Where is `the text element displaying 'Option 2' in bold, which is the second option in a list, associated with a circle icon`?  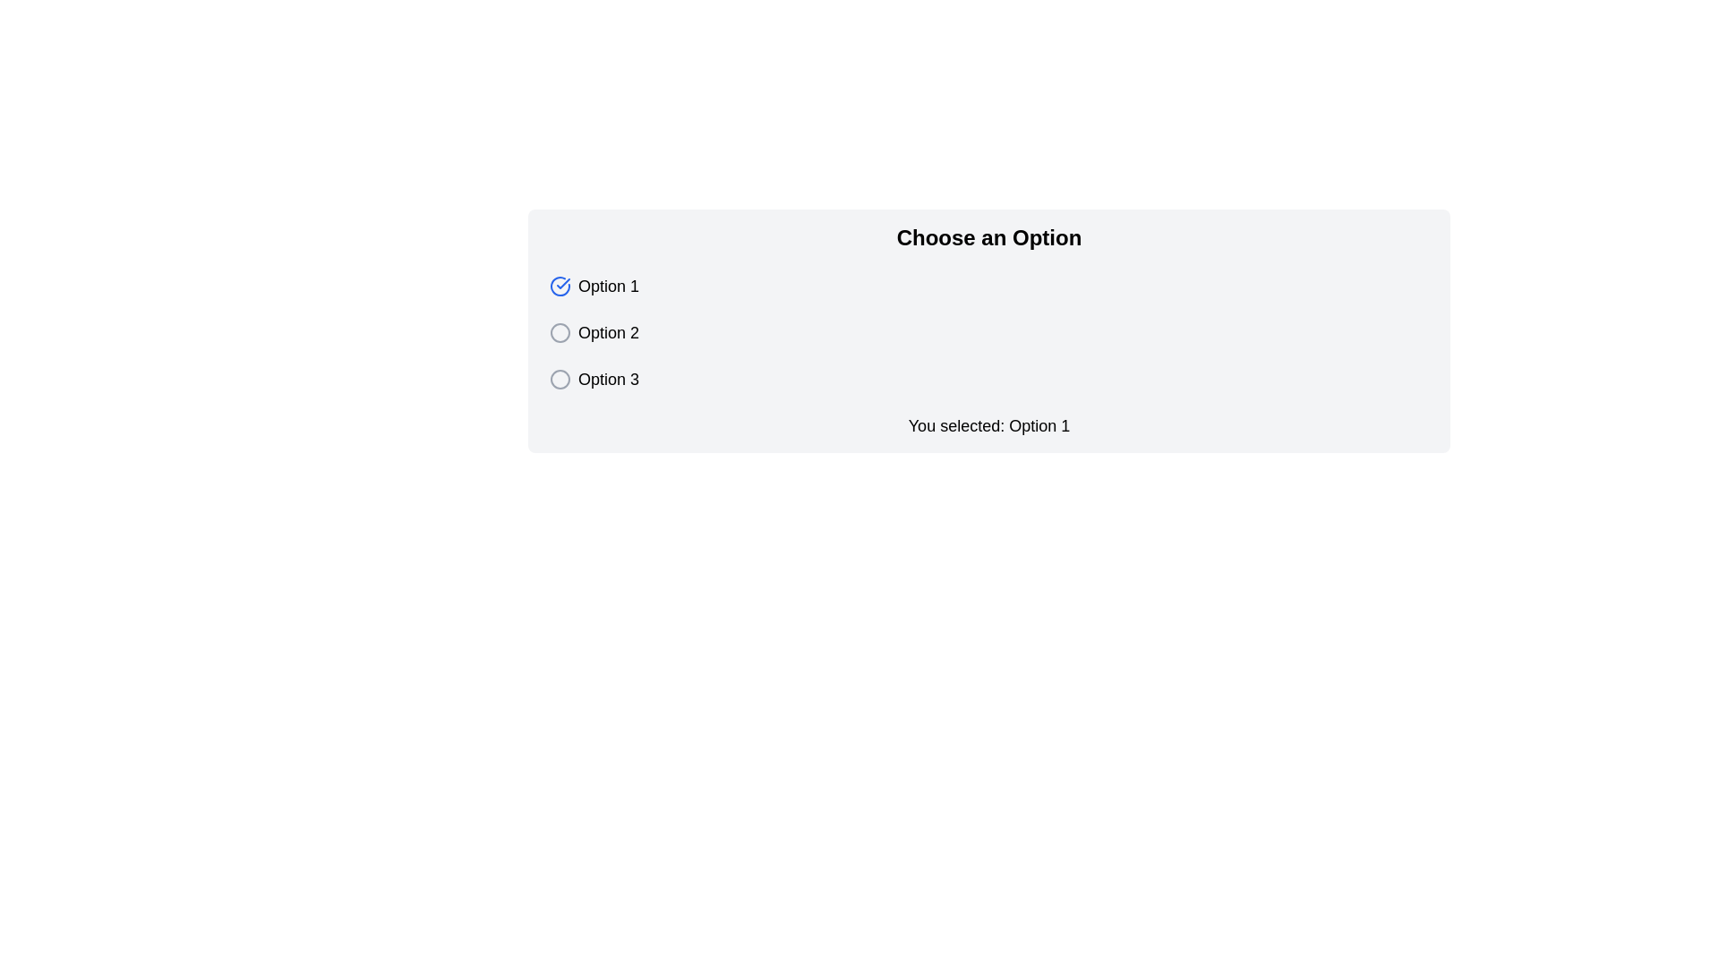
the text element displaying 'Option 2' in bold, which is the second option in a list, associated with a circle icon is located at coordinates (609, 332).